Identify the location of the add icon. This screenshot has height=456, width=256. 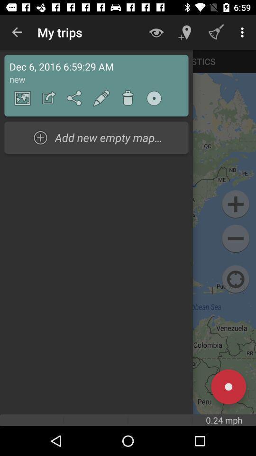
(235, 204).